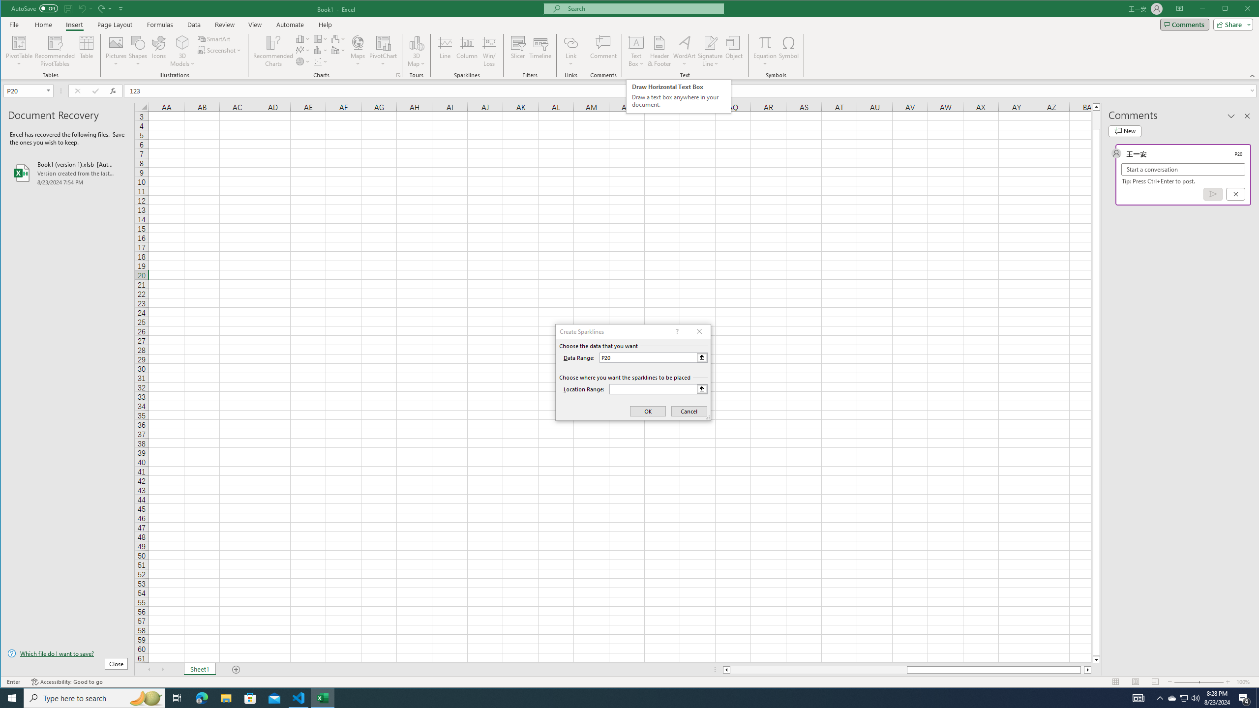 This screenshot has height=708, width=1259. Describe the element at coordinates (765, 42) in the screenshot. I see `'Equation'` at that location.